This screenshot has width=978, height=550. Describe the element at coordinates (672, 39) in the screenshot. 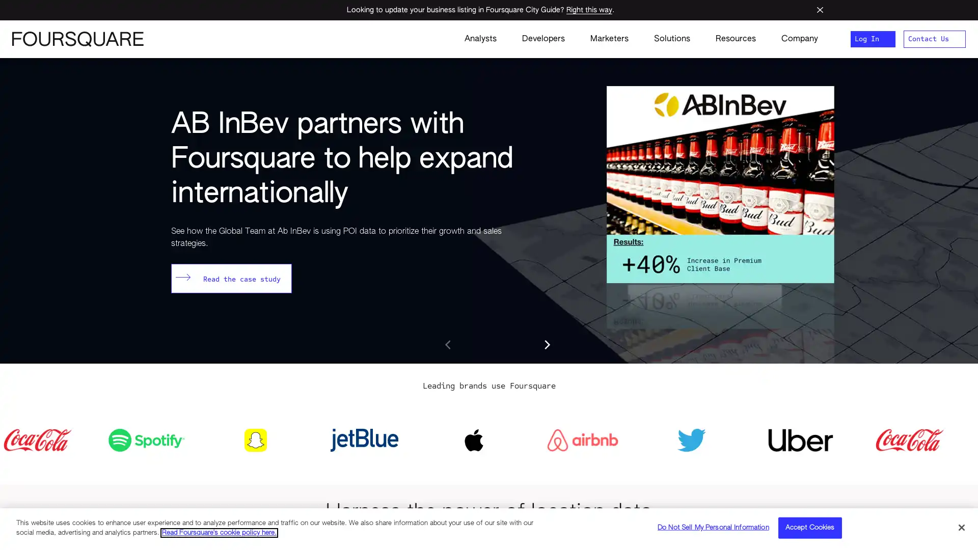

I see `Solutions` at that location.